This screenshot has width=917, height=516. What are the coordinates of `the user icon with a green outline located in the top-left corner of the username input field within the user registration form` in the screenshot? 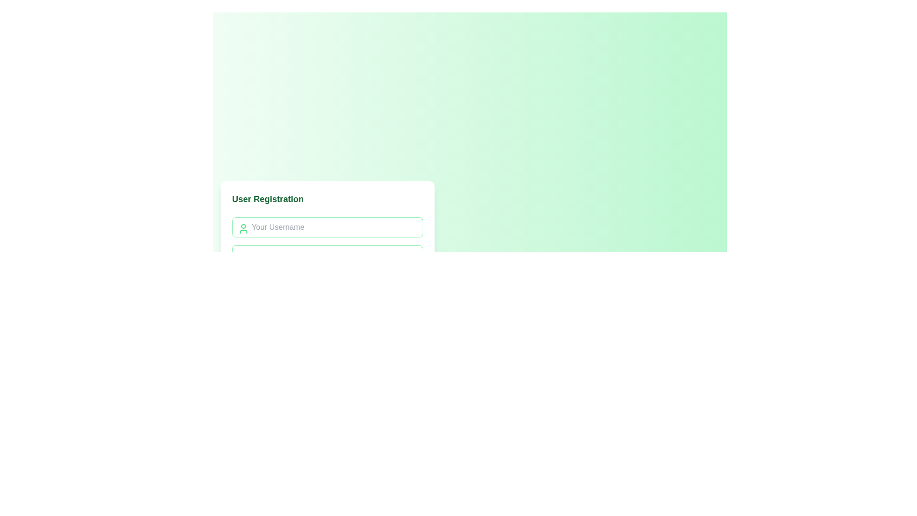 It's located at (243, 228).